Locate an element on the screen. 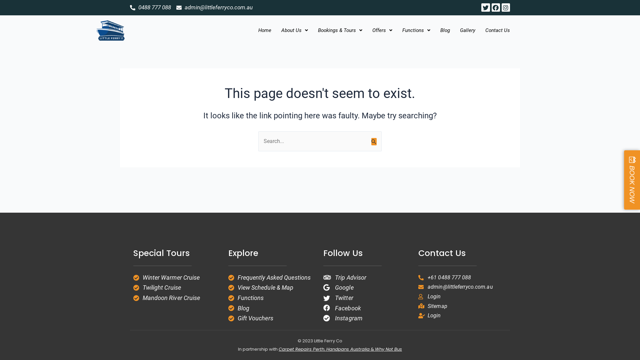 The width and height of the screenshot is (640, 360). 'Gift Vouchers' is located at coordinates (272, 318).